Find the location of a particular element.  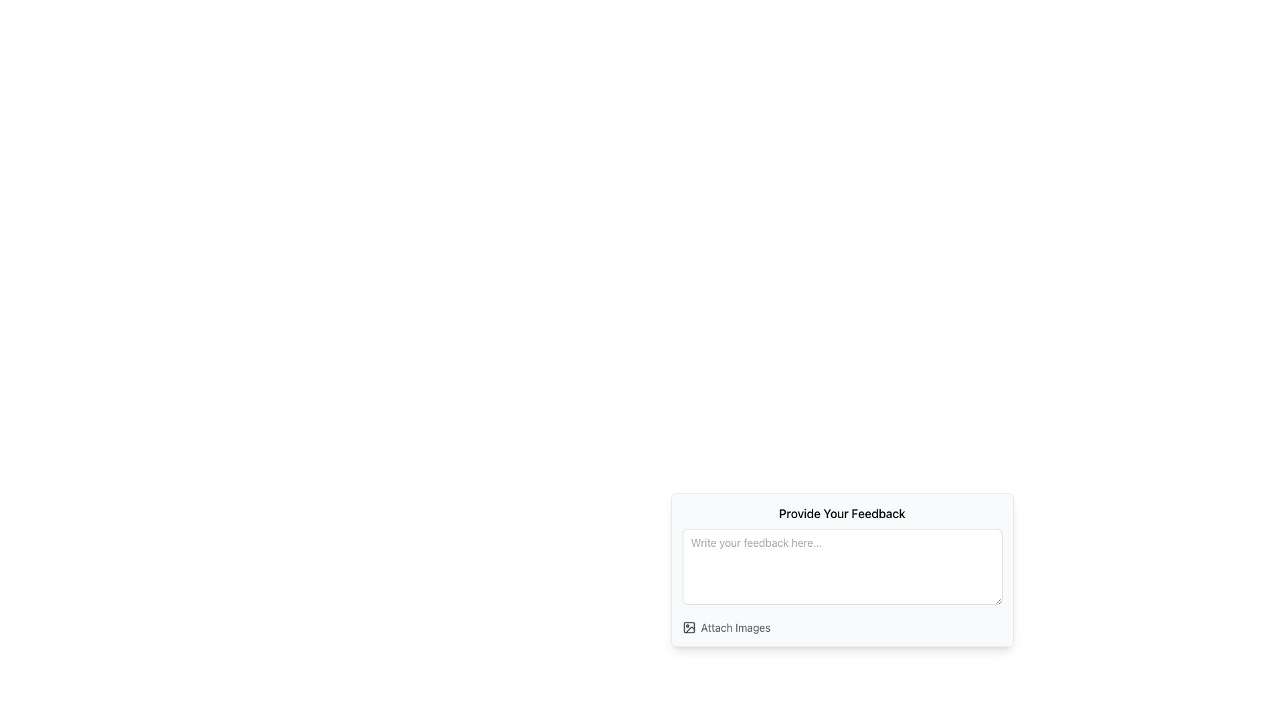

the Static Text Label that prompts users to attach images, located to the right of an image icon within the feedback submission component is located at coordinates (735, 627).